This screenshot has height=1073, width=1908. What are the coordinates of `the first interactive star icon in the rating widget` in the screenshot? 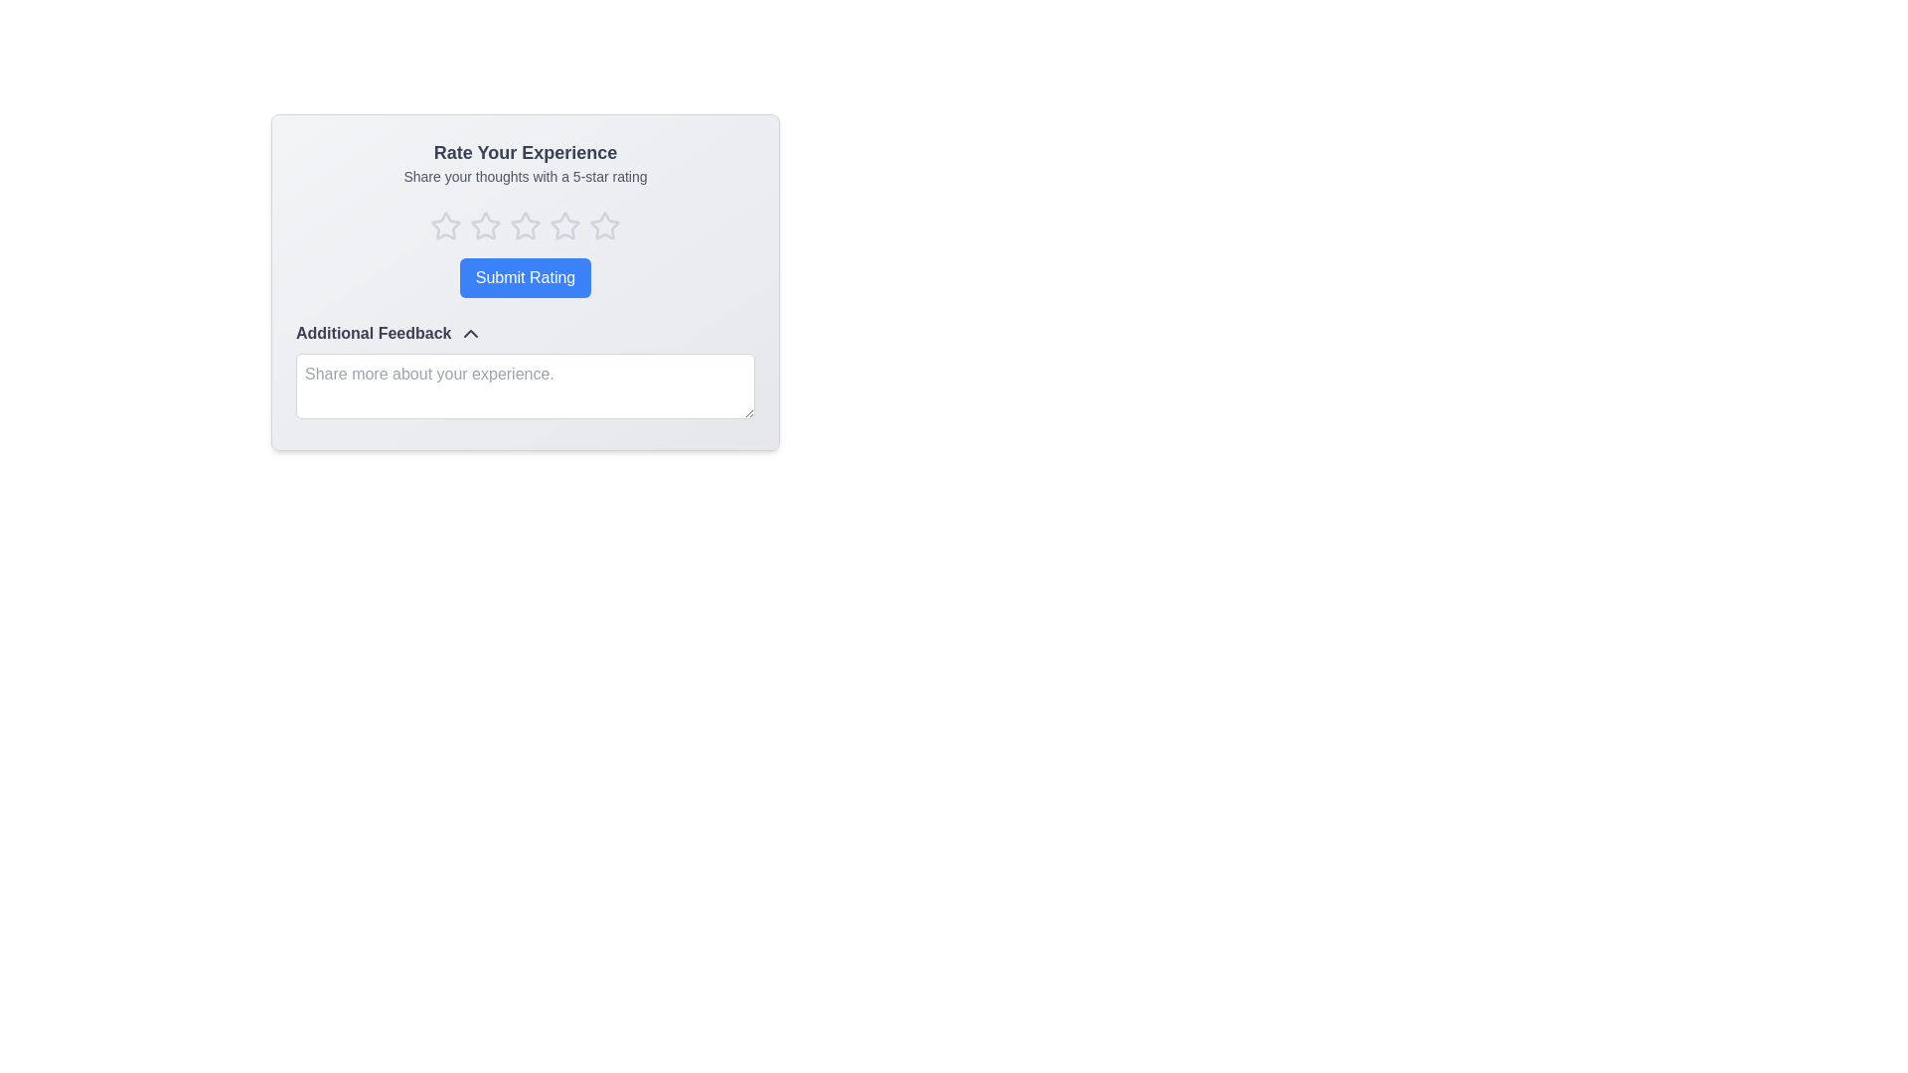 It's located at (445, 225).